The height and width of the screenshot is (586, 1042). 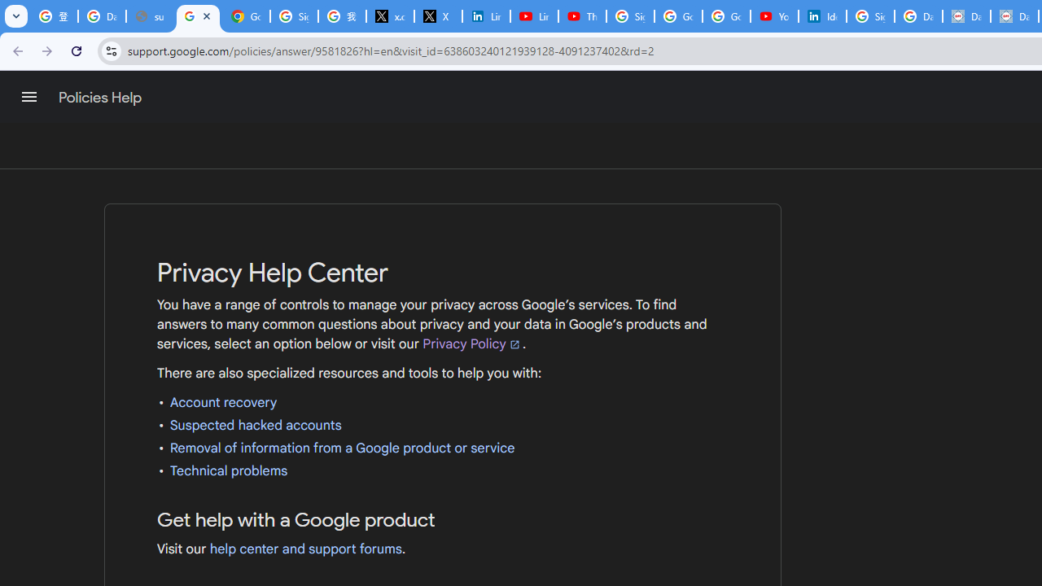 I want to click on 'Account recovery', so click(x=222, y=403).